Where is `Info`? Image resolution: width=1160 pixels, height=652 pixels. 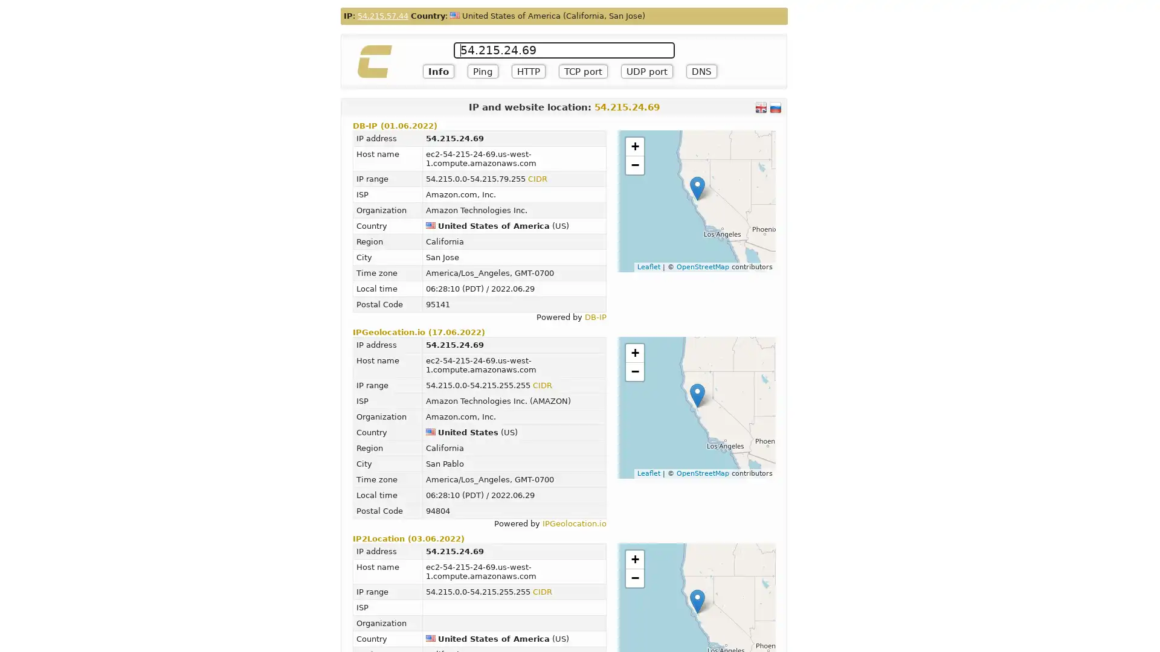
Info is located at coordinates (437, 71).